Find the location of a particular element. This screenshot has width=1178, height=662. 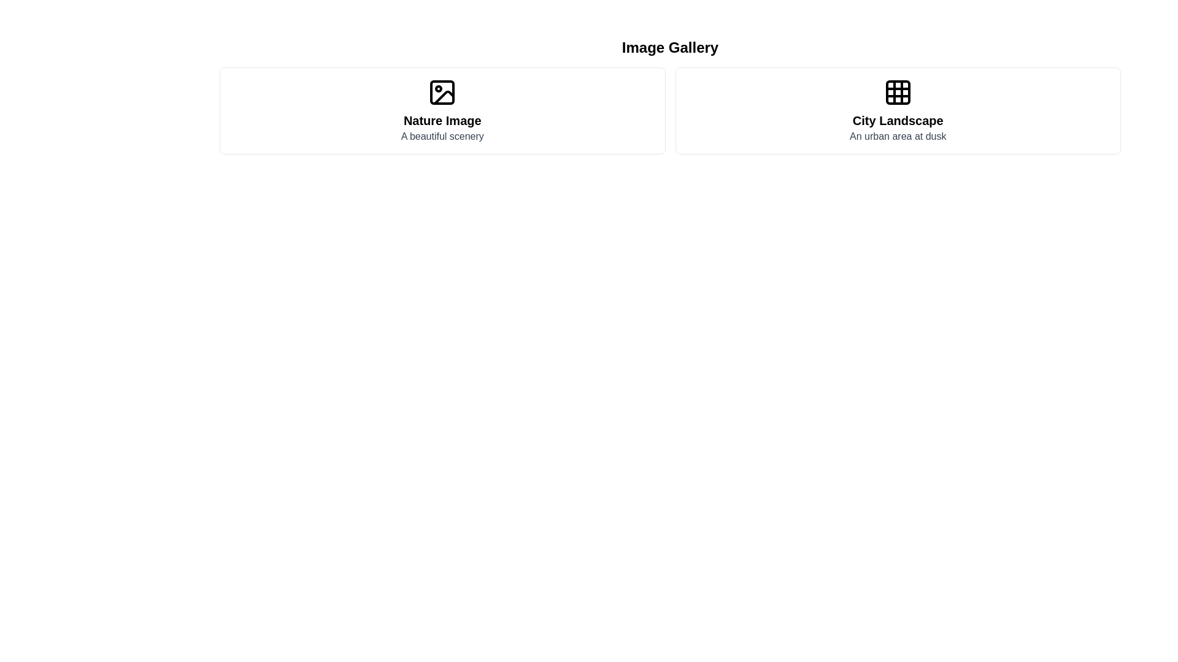

the icon representing an image placeholder located in the upper portion of the bordered card layout, which indicates a preview for an image is located at coordinates (442, 91).